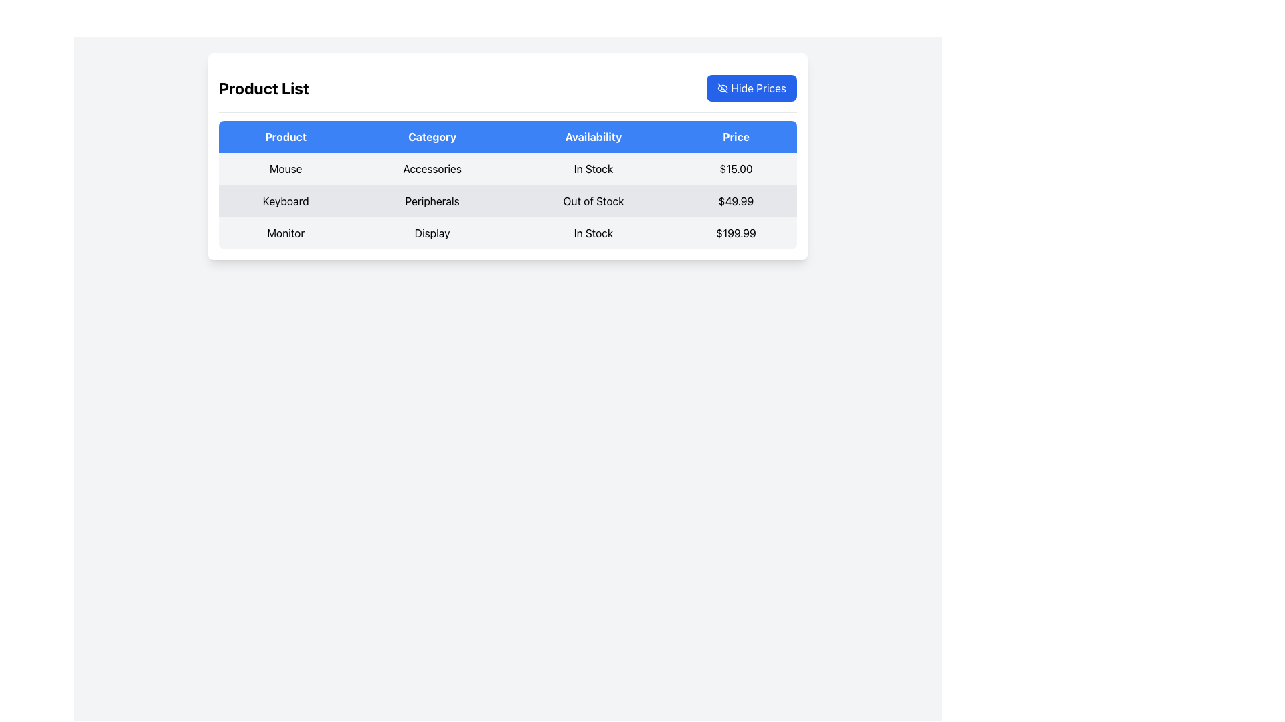 Image resolution: width=1285 pixels, height=722 pixels. Describe the element at coordinates (432, 136) in the screenshot. I see `the second tab in the horizontal tab bar, which is located between the 'Product' and 'Availability' tabs` at that location.